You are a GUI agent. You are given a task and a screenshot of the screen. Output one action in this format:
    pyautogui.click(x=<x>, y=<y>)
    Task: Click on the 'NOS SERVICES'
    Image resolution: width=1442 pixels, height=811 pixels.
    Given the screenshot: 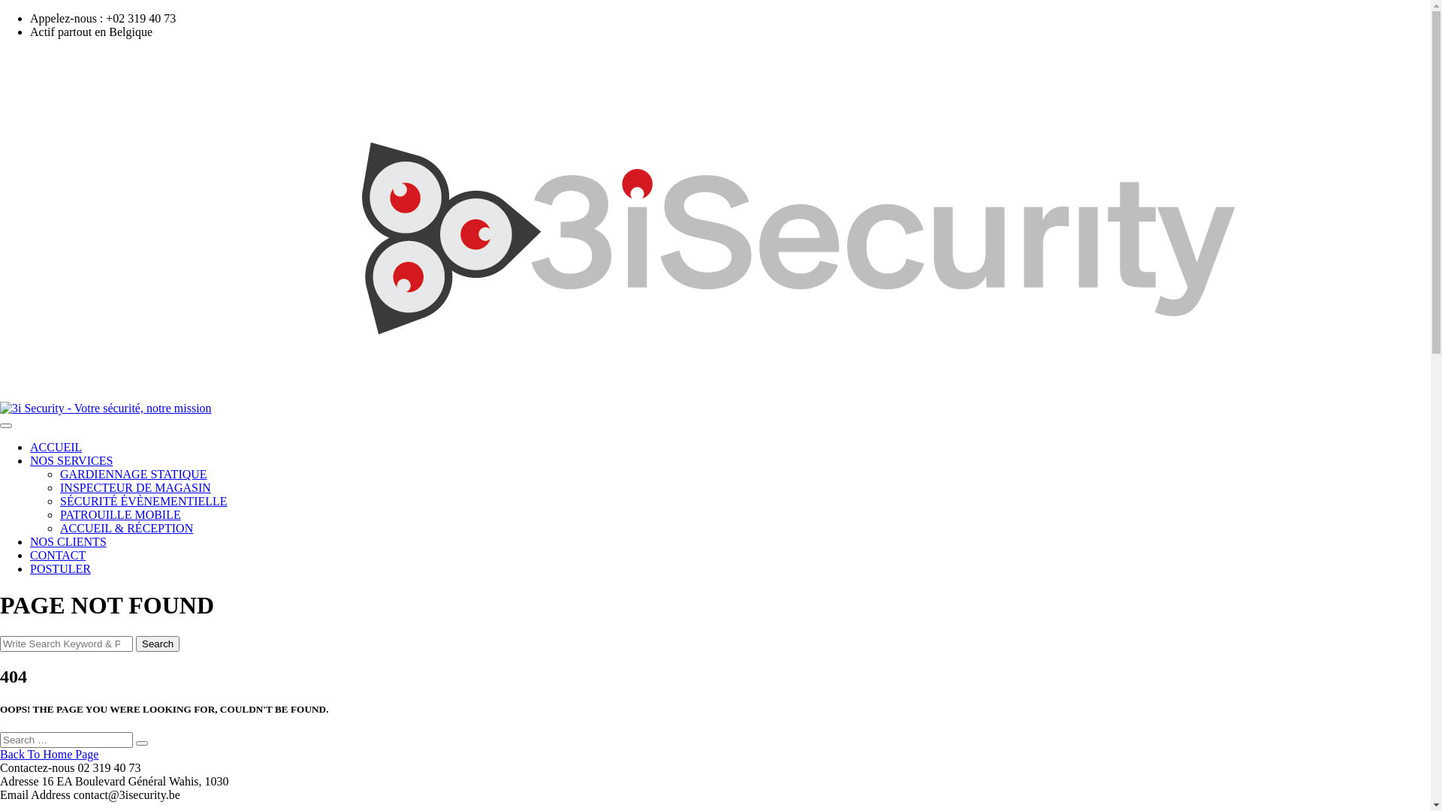 What is the action you would take?
    pyautogui.click(x=71, y=460)
    